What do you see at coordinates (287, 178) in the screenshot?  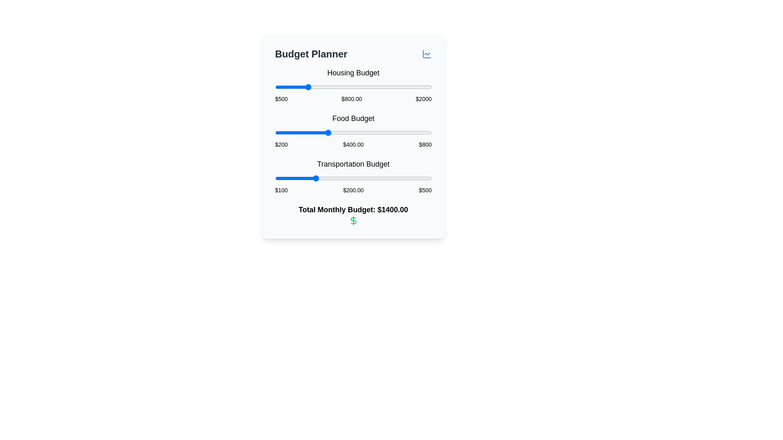 I see `the transportation budget` at bounding box center [287, 178].